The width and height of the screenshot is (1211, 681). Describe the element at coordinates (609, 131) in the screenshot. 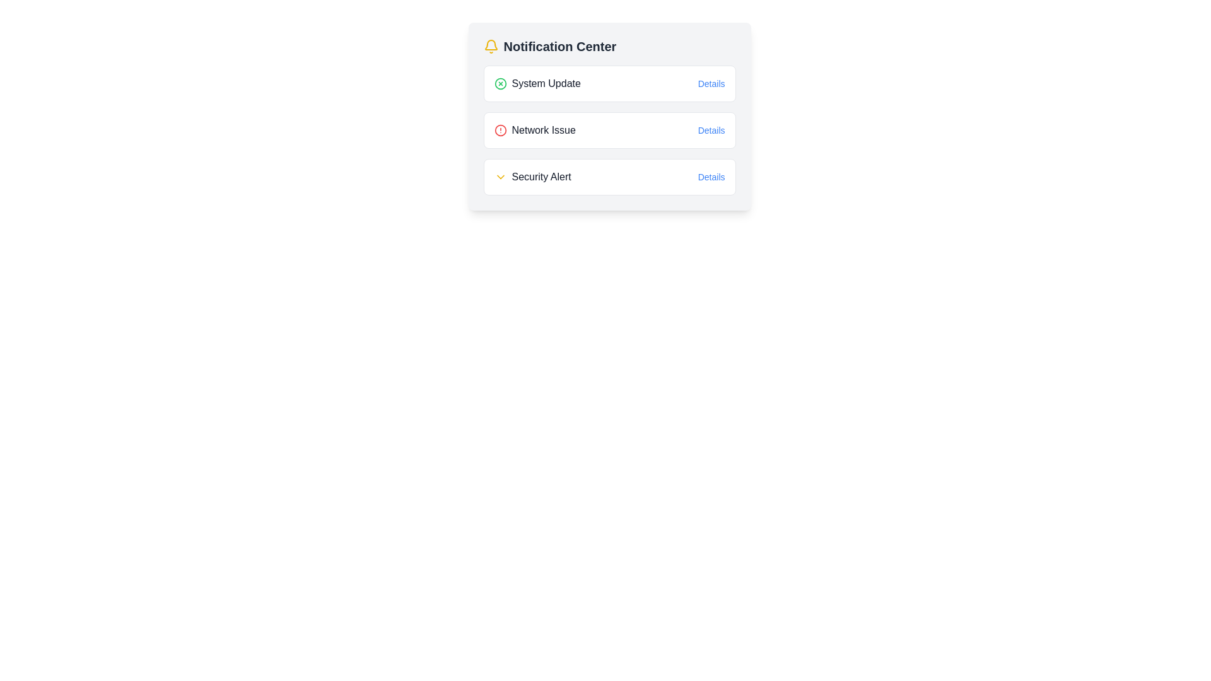

I see `the interactive notification item displaying a 'Network Issue' with an actionable link labeled 'Details' in the Notification Center` at that location.